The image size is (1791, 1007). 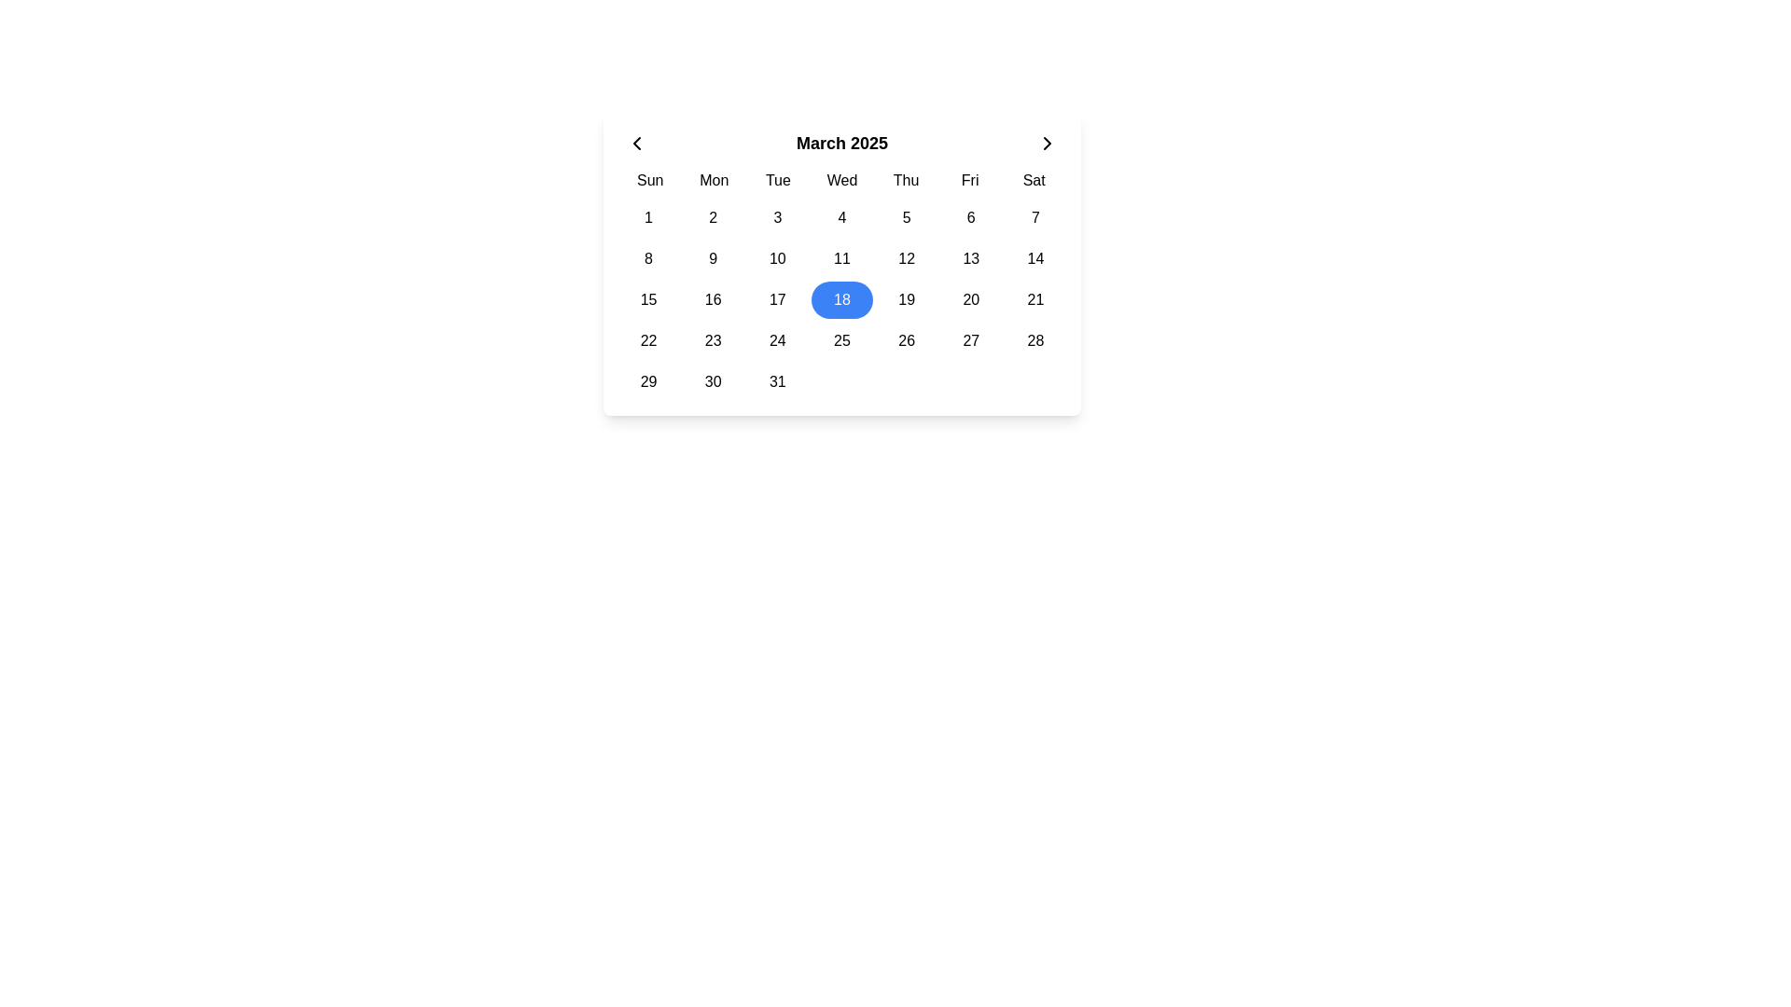 What do you see at coordinates (970, 180) in the screenshot?
I see `the static text label that serves as a header for Fridays in the calendar view, which is the sixth element in a horizontally arranged grid of days of the week` at bounding box center [970, 180].